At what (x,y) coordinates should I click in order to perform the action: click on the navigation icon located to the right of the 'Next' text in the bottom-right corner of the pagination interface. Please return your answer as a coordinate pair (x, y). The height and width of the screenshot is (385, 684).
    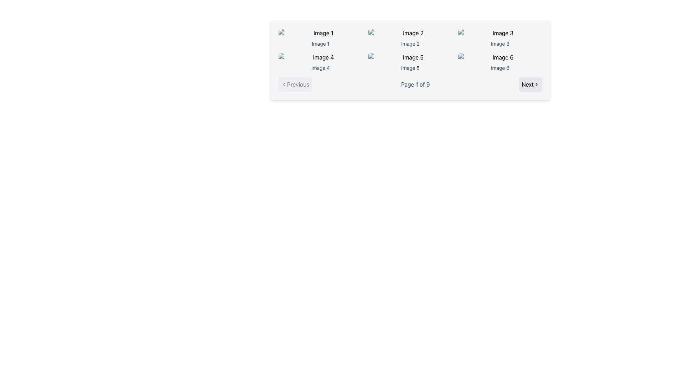
    Looking at the image, I should click on (537, 84).